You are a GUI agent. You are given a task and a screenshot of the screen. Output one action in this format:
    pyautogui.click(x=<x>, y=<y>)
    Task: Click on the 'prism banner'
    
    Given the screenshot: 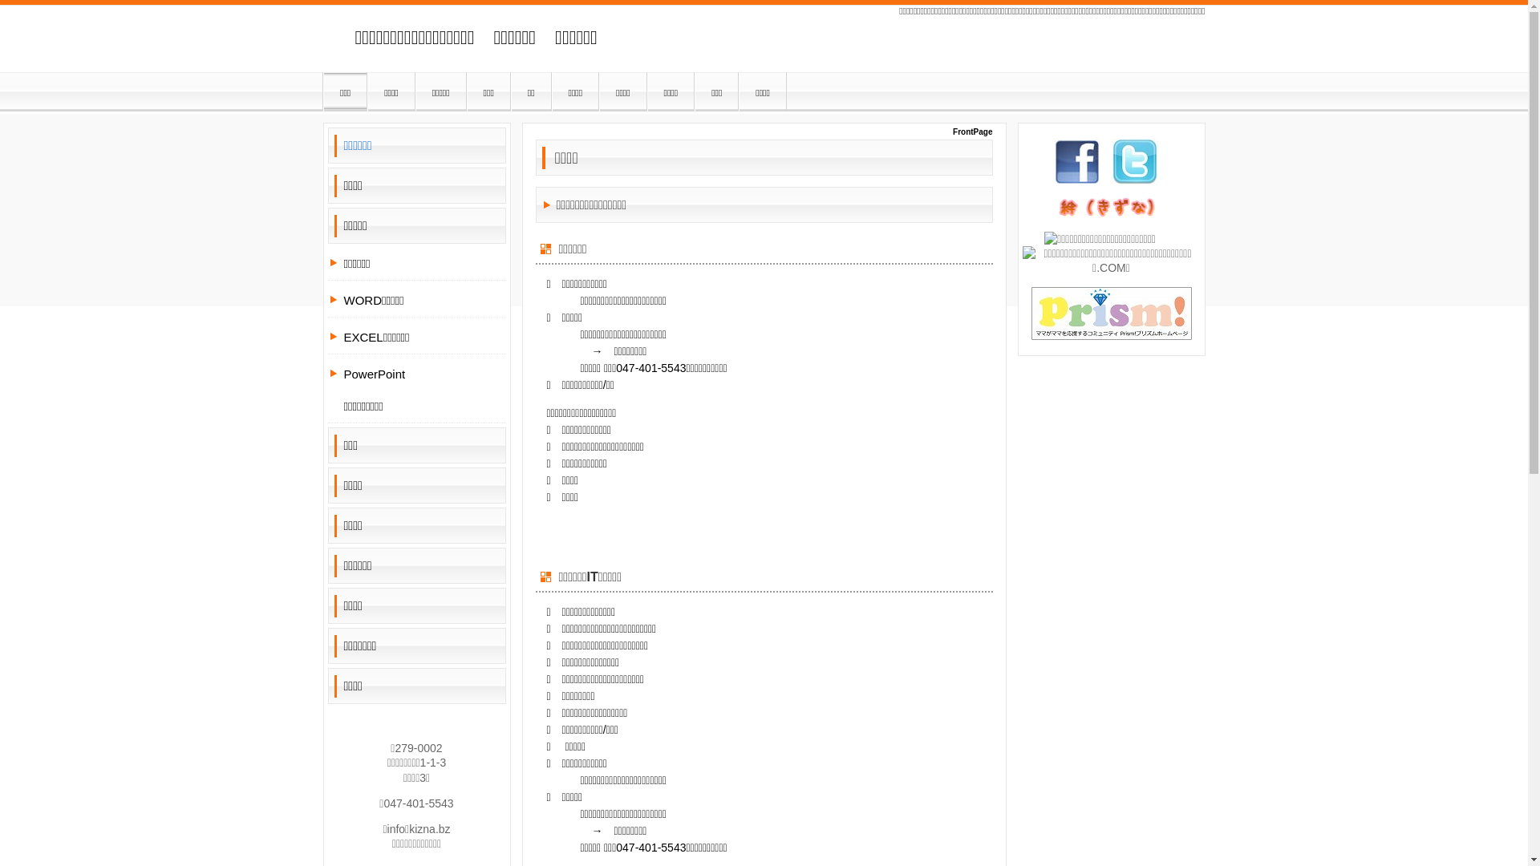 What is the action you would take?
    pyautogui.click(x=1031, y=313)
    